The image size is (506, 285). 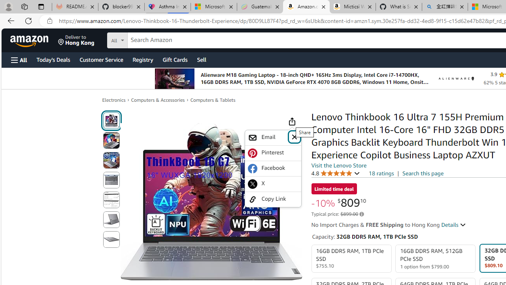 What do you see at coordinates (213, 99) in the screenshot?
I see `'Computers & Tablets'` at bounding box center [213, 99].